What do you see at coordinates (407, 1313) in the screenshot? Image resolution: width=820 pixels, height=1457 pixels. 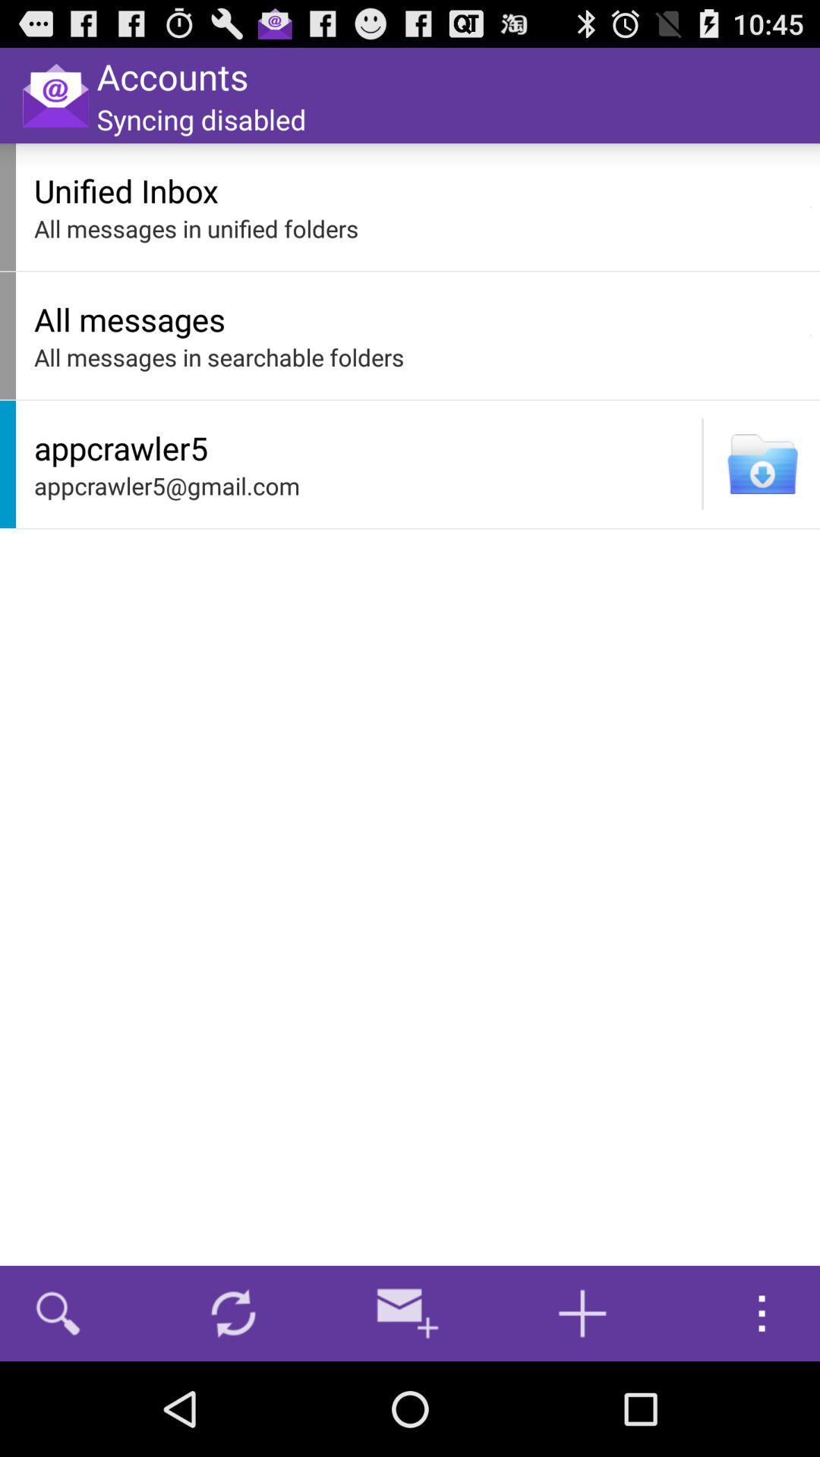 I see `the item at the bottom` at bounding box center [407, 1313].